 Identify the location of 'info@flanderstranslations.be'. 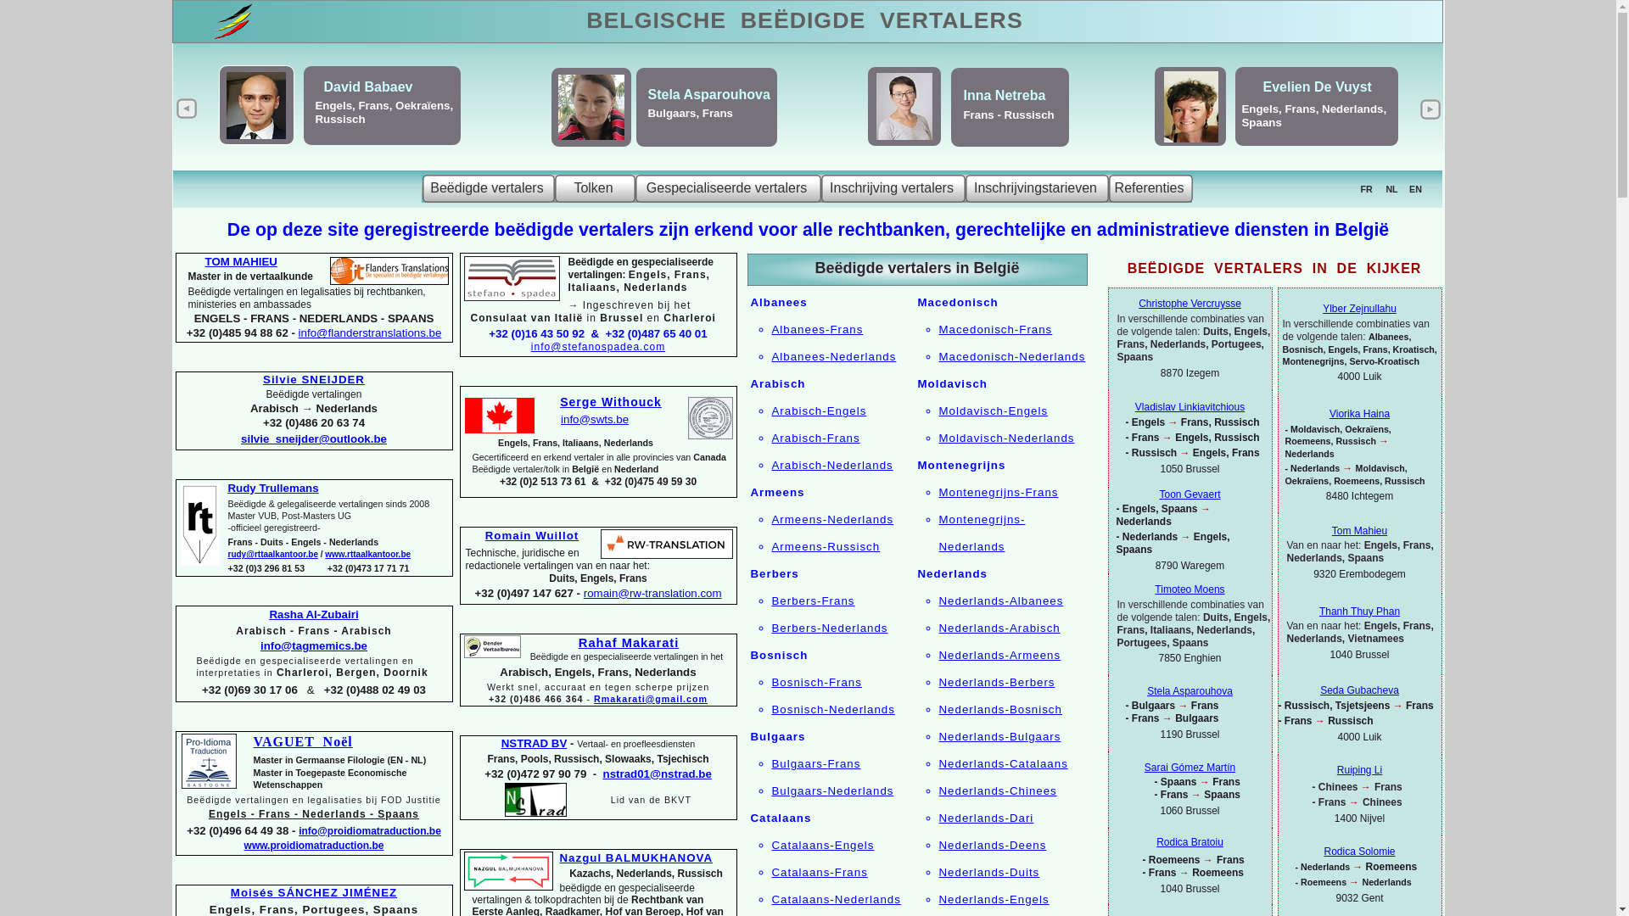
(369, 332).